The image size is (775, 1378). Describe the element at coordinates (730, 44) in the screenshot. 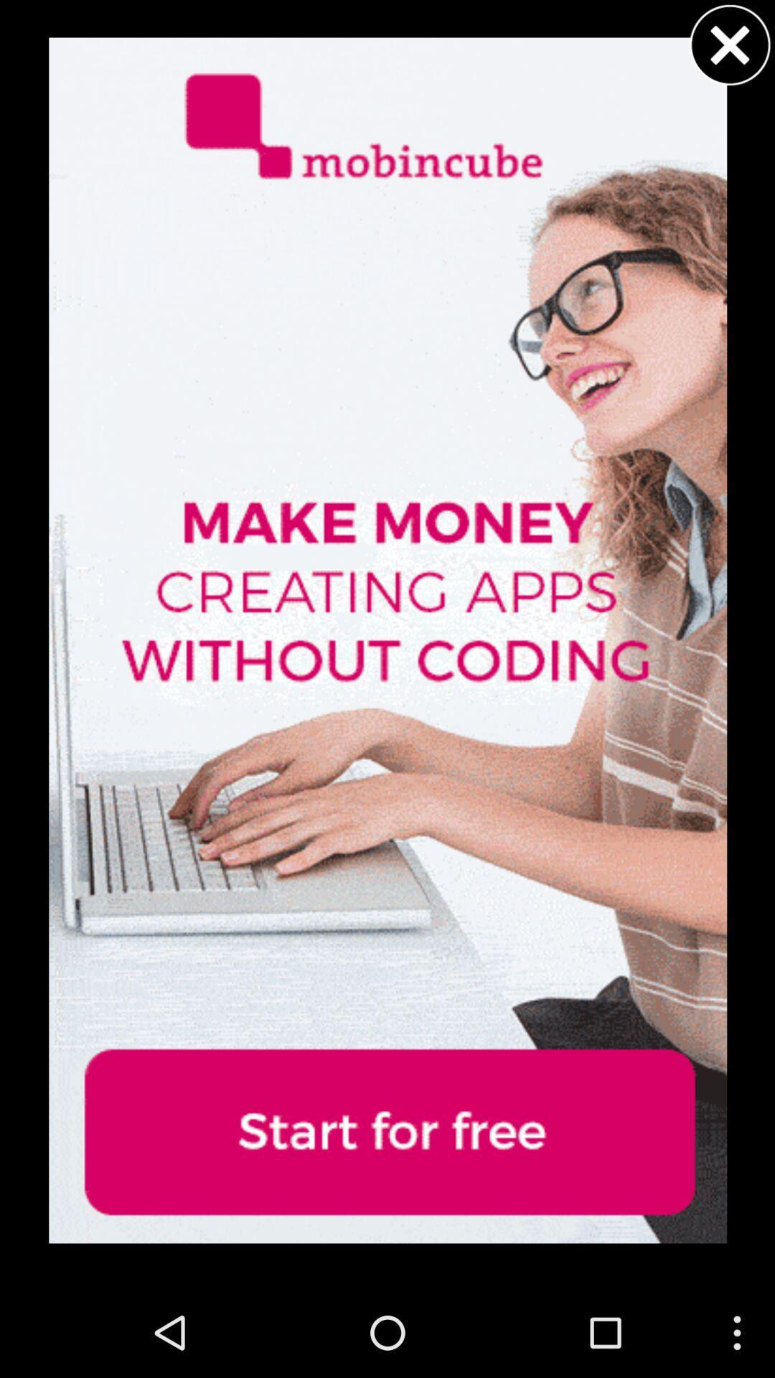

I see `exit advertisement` at that location.